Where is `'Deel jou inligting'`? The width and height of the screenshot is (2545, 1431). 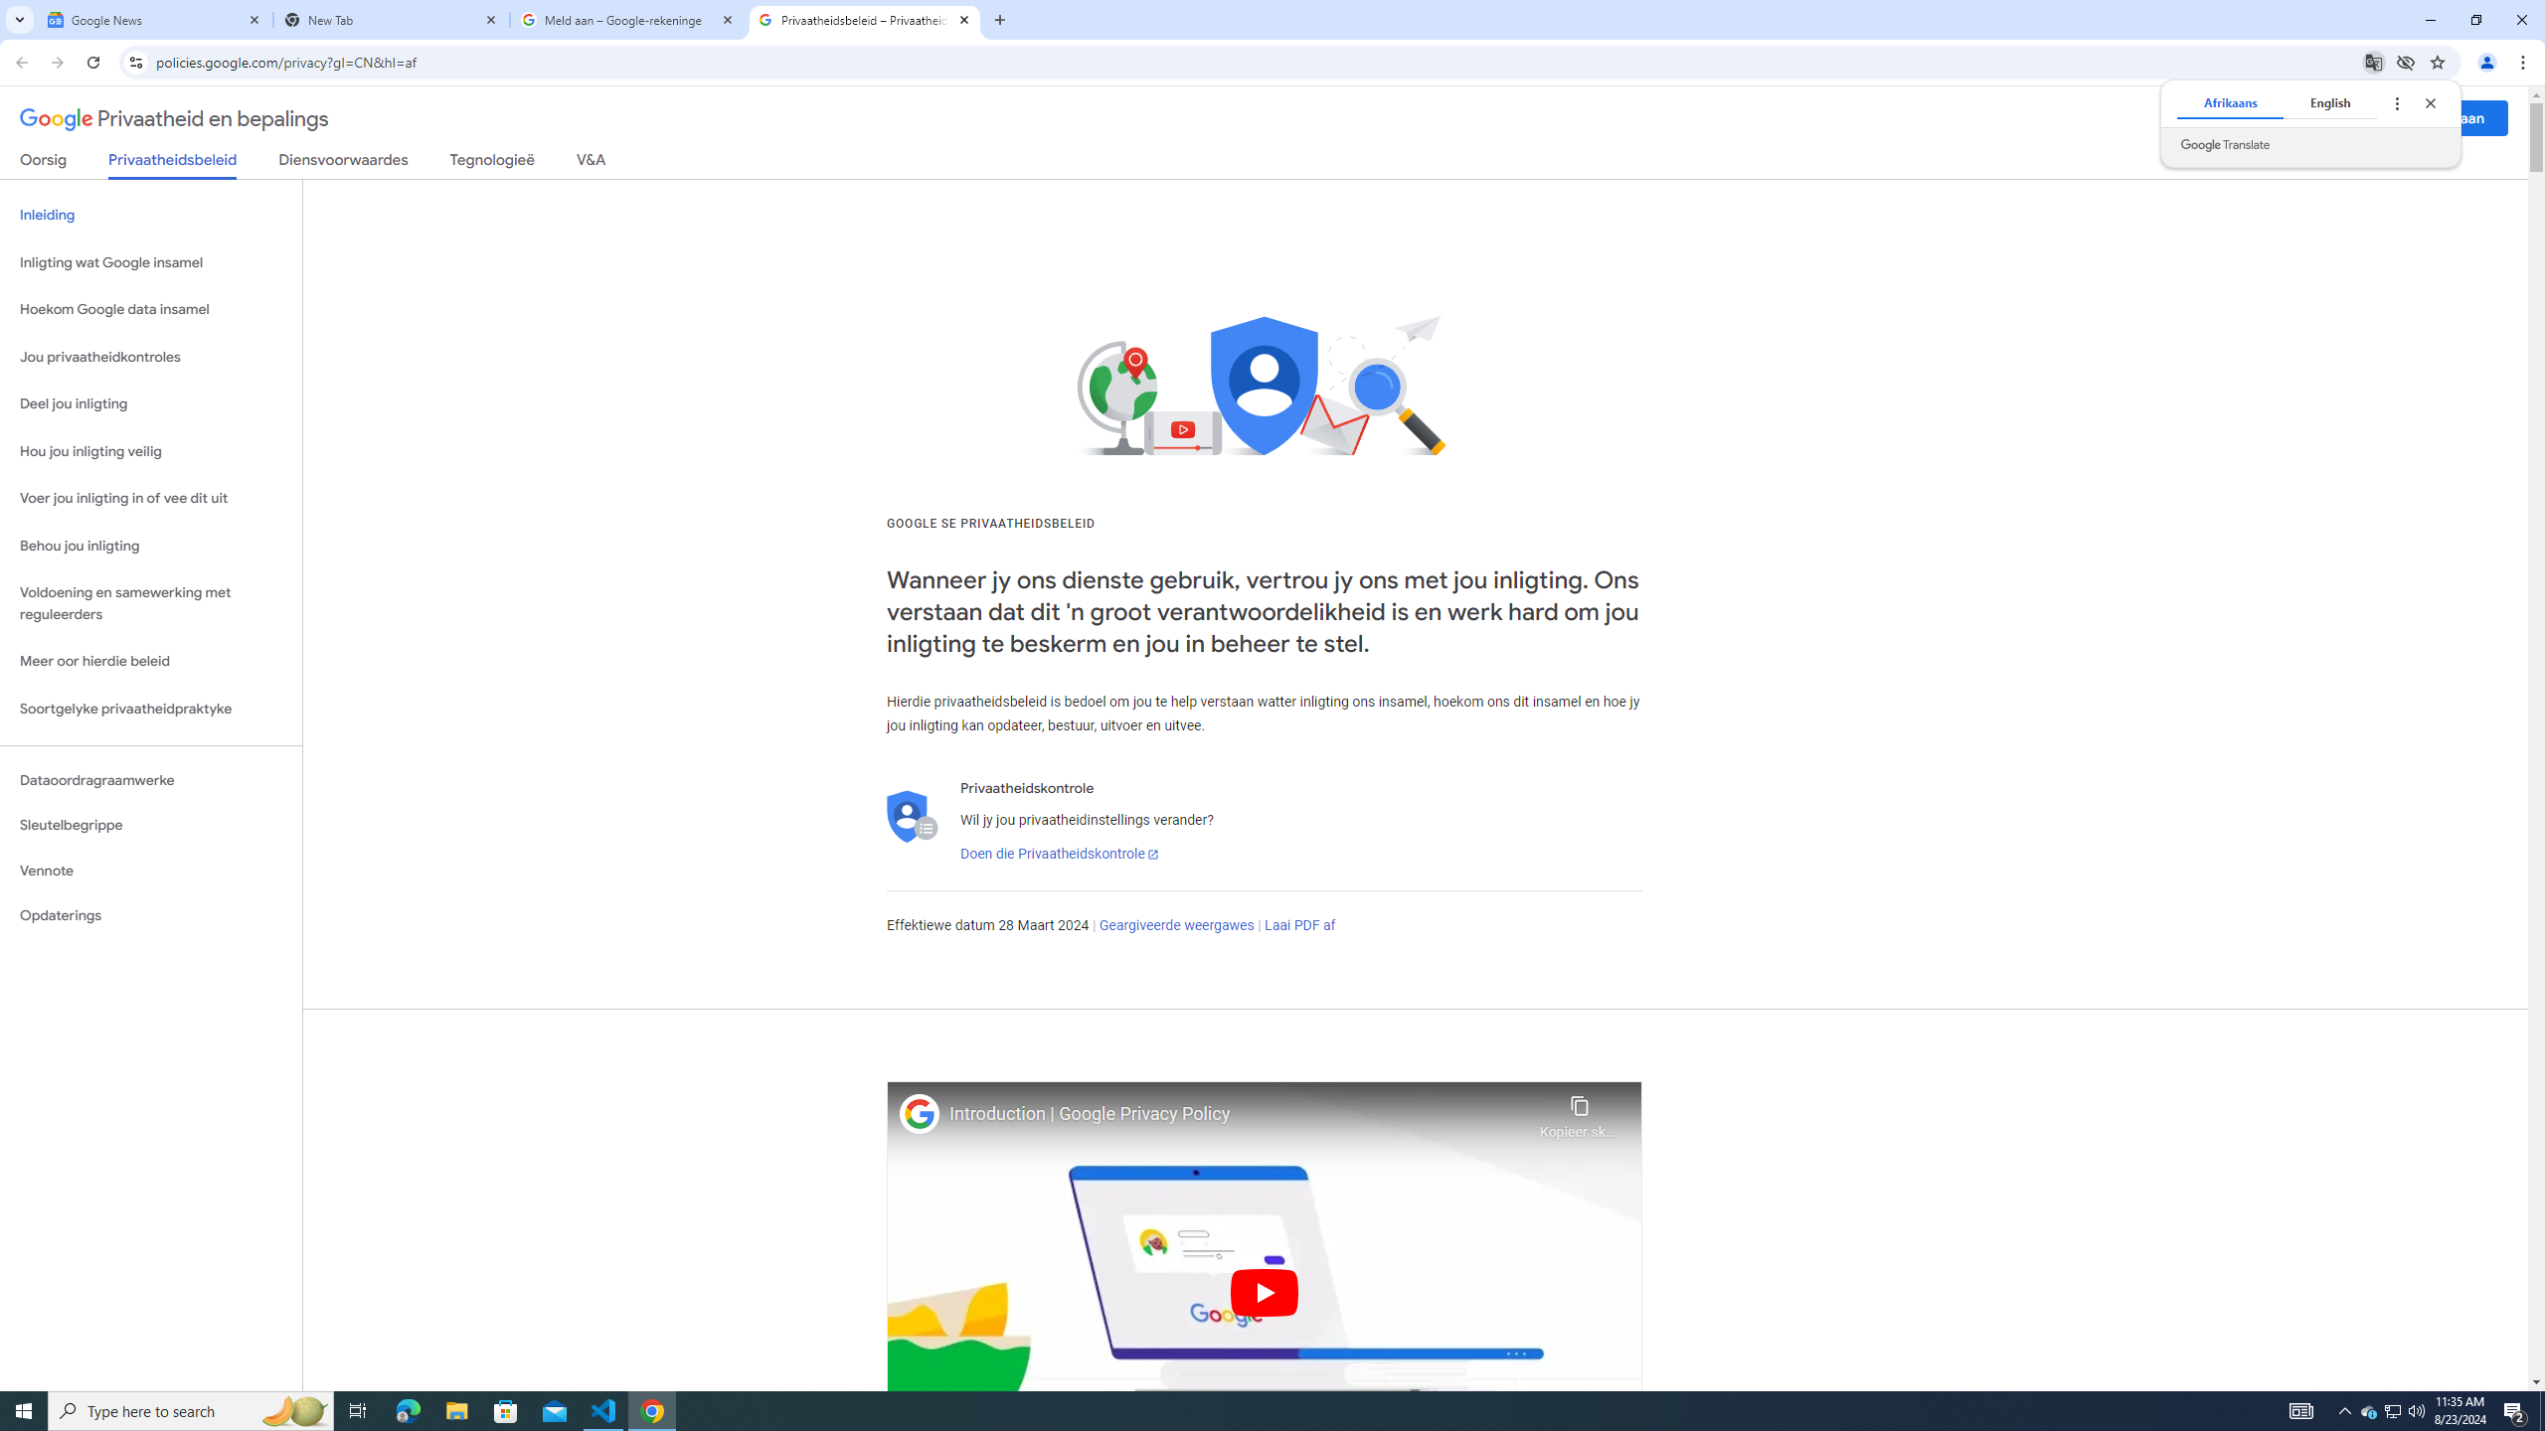 'Deel jou inligting' is located at coordinates (150, 402).